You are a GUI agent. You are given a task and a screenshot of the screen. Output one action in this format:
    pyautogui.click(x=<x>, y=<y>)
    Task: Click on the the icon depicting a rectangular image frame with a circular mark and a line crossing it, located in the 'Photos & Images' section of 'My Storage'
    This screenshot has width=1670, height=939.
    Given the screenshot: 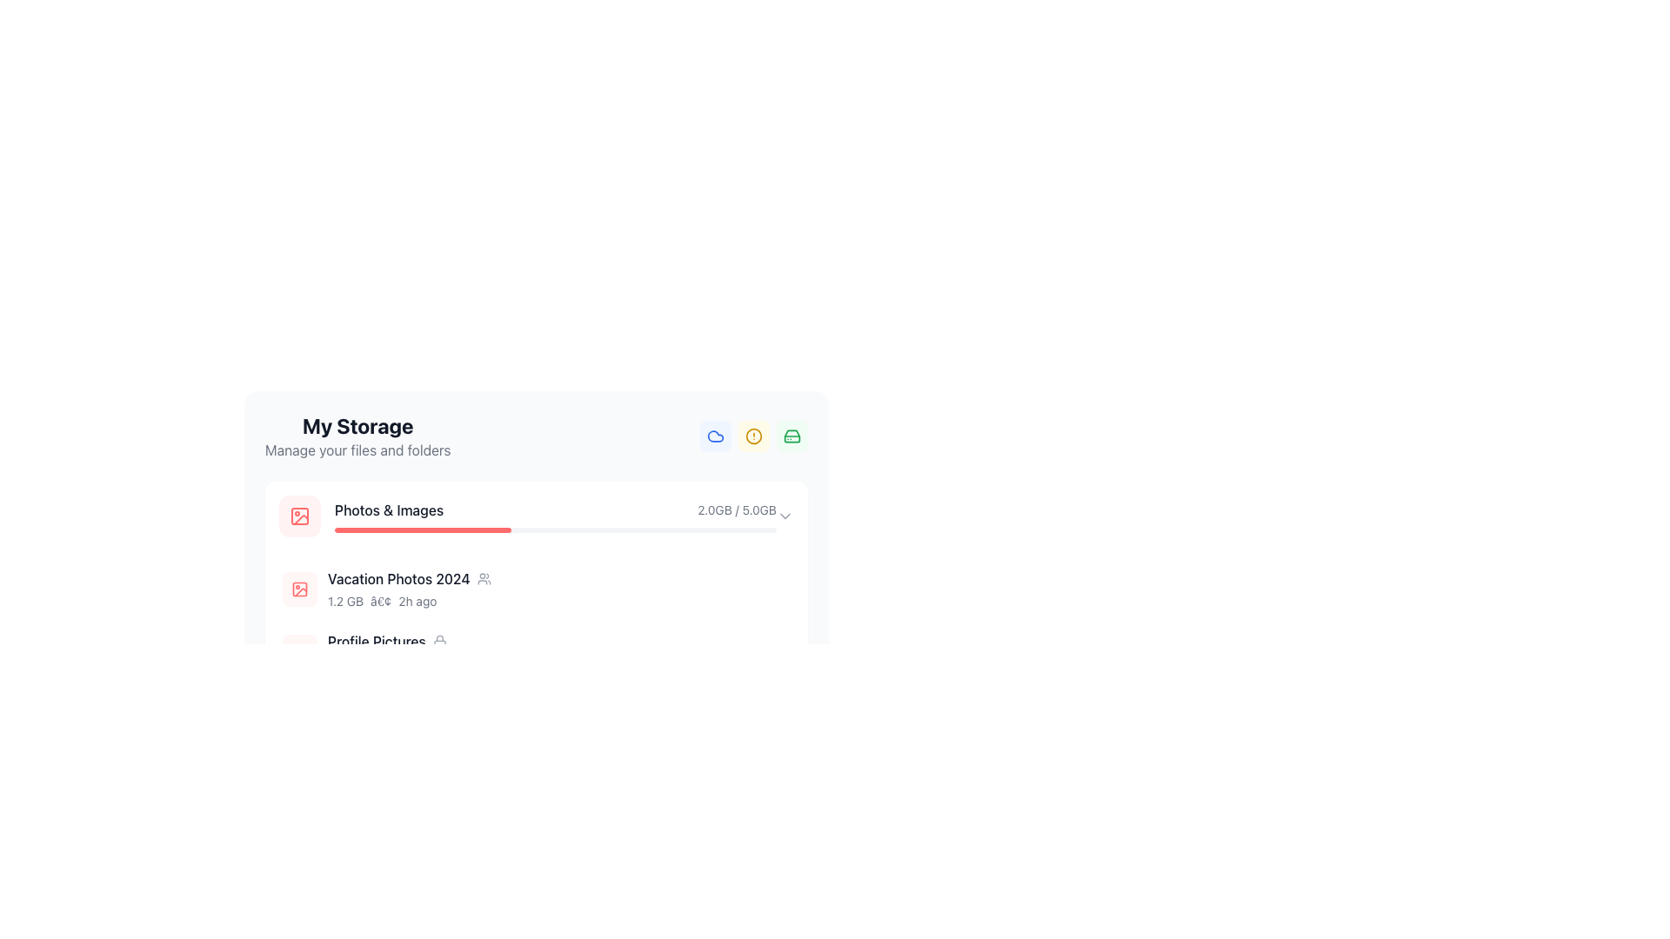 What is the action you would take?
    pyautogui.click(x=300, y=516)
    